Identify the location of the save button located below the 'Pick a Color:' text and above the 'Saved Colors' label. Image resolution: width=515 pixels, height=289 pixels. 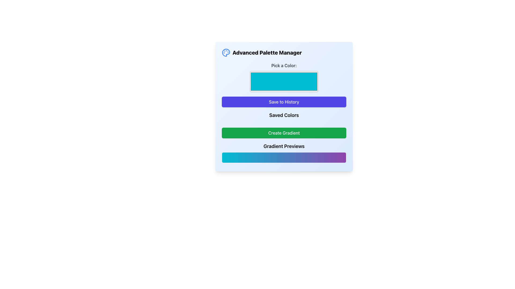
(284, 107).